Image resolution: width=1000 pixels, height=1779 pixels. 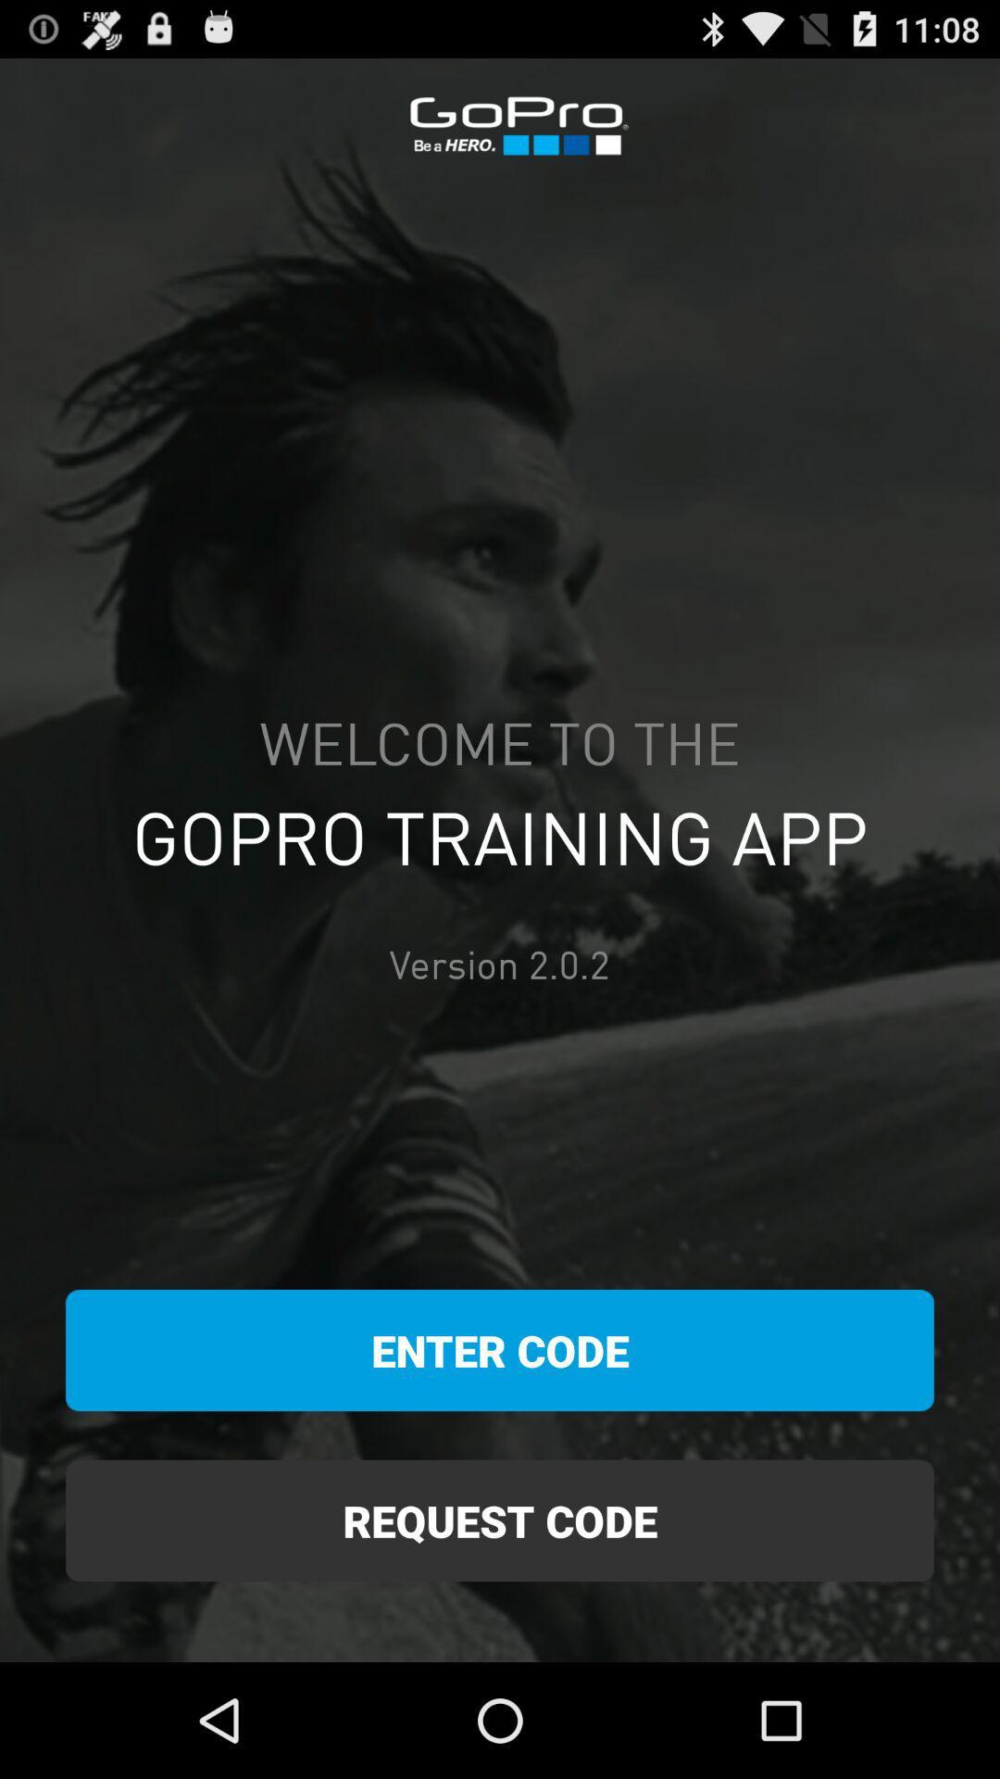 I want to click on the icon below version 2 0 item, so click(x=500, y=1350).